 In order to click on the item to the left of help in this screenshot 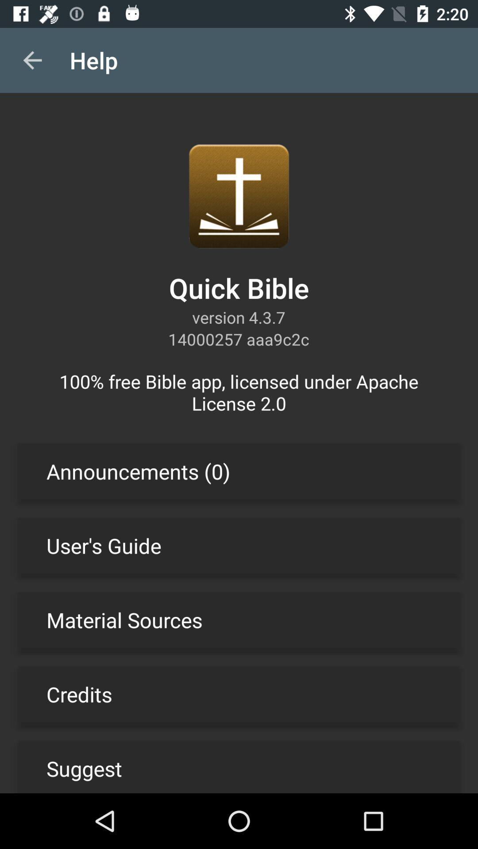, I will do `click(32, 60)`.